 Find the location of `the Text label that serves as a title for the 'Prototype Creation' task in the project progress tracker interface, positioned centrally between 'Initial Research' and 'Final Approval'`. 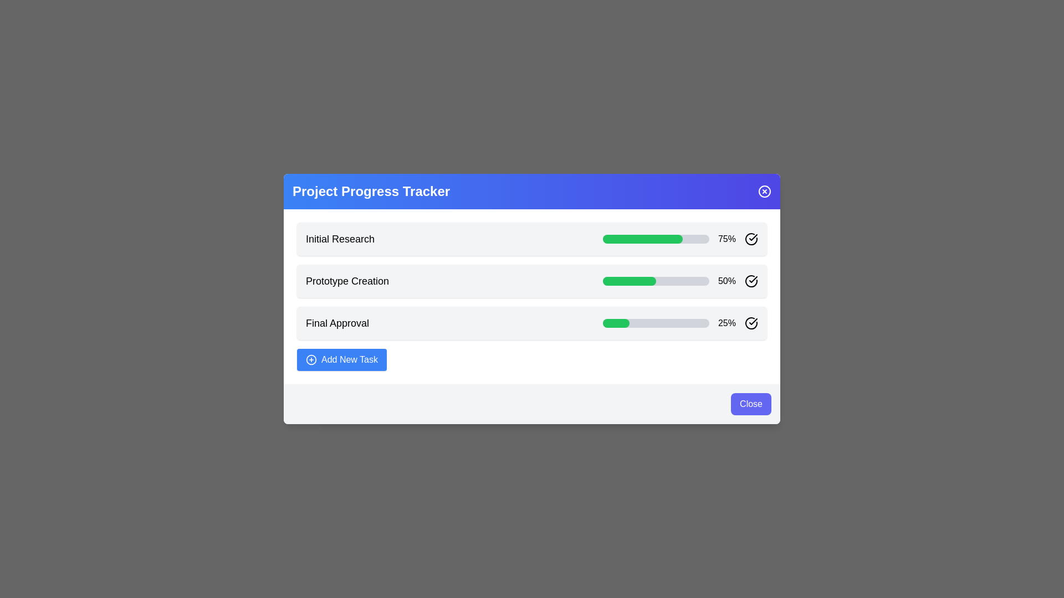

the Text label that serves as a title for the 'Prototype Creation' task in the project progress tracker interface, positioned centrally between 'Initial Research' and 'Final Approval' is located at coordinates (347, 281).